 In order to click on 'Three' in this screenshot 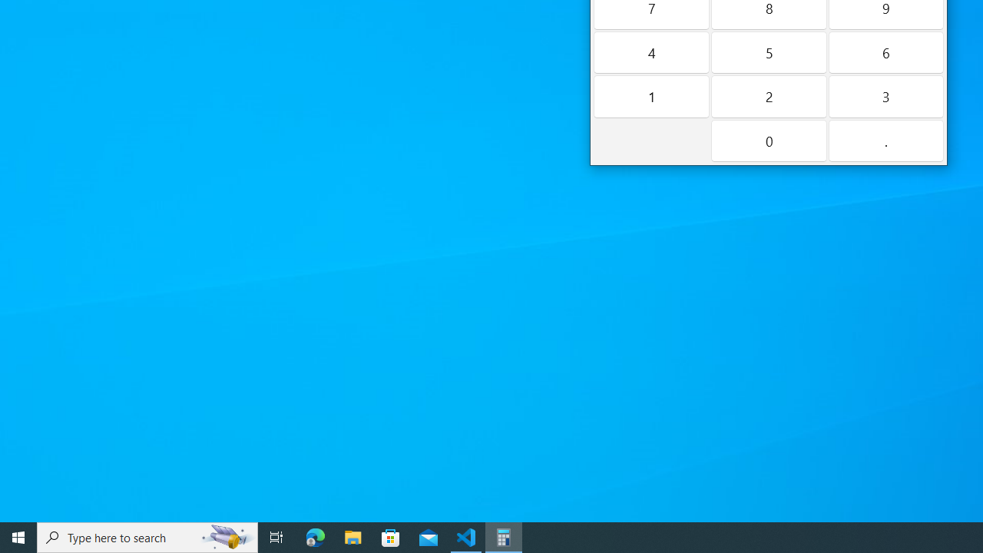, I will do `click(885, 96)`.